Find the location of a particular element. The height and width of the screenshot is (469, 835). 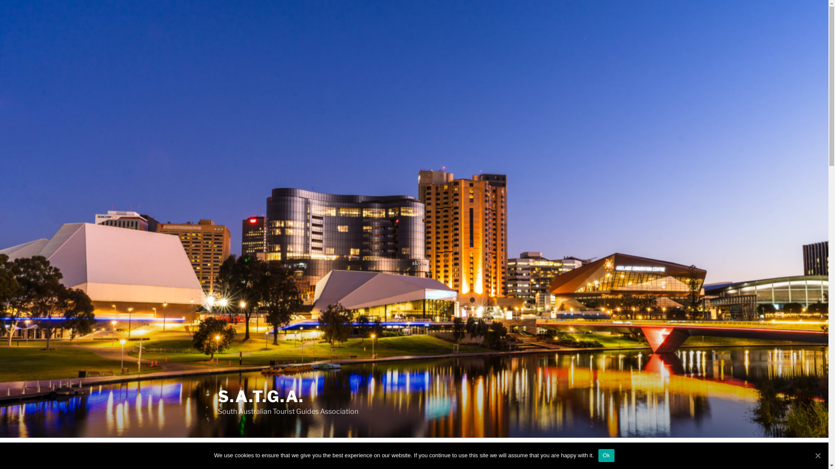

'WELCOME' is located at coordinates (232, 453).